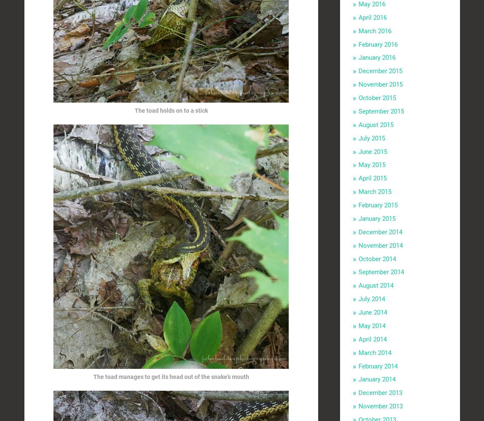  What do you see at coordinates (381, 110) in the screenshot?
I see `'September 2015'` at bounding box center [381, 110].